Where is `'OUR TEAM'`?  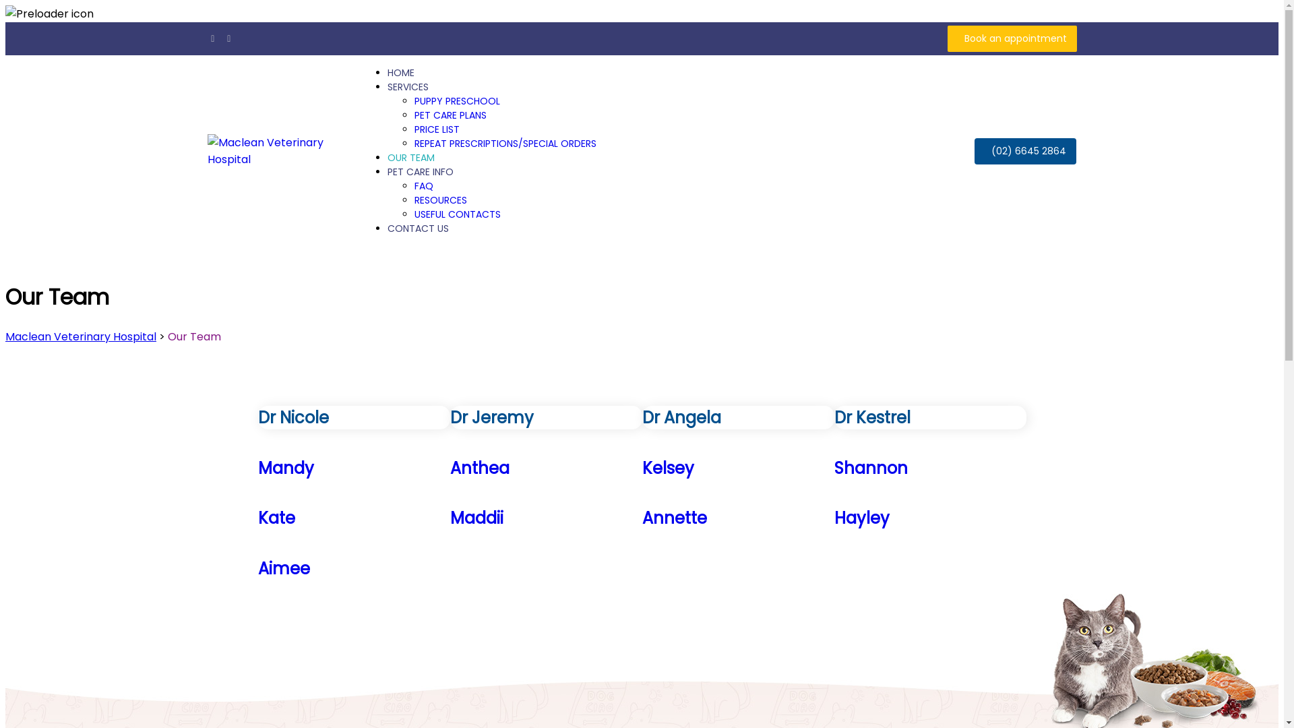
'OUR TEAM' is located at coordinates (410, 157).